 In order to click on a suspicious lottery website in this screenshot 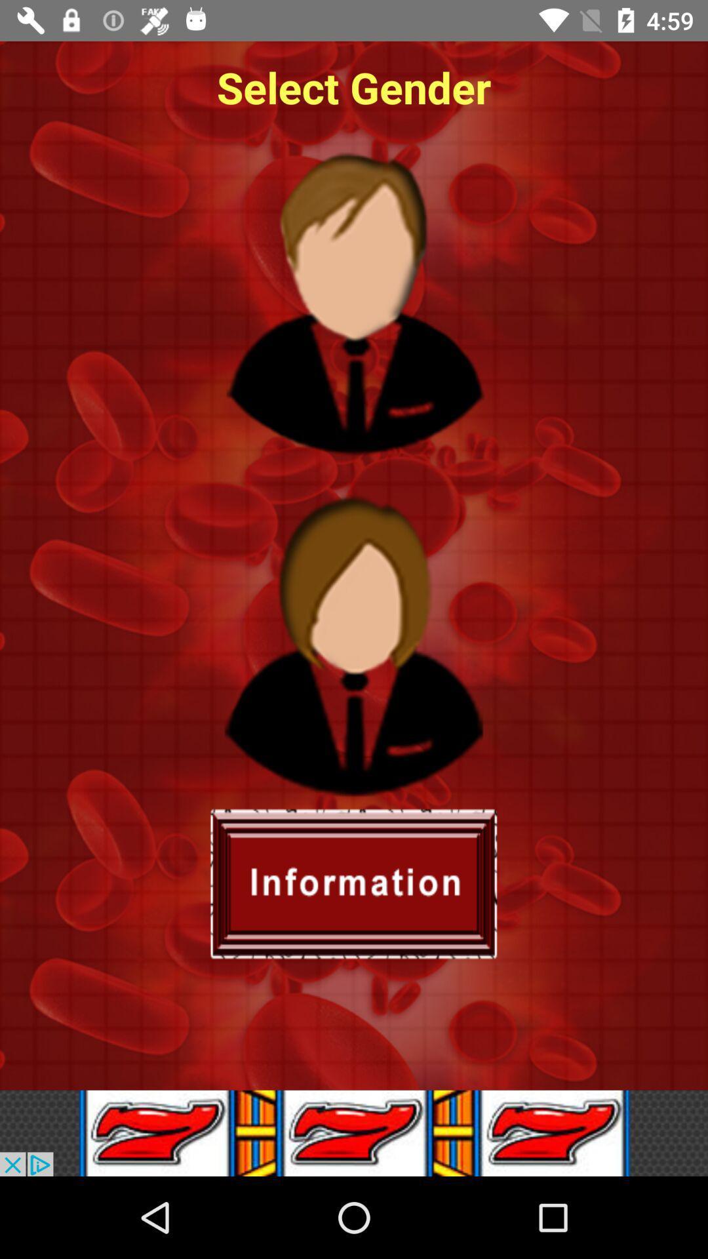, I will do `click(354, 1132)`.